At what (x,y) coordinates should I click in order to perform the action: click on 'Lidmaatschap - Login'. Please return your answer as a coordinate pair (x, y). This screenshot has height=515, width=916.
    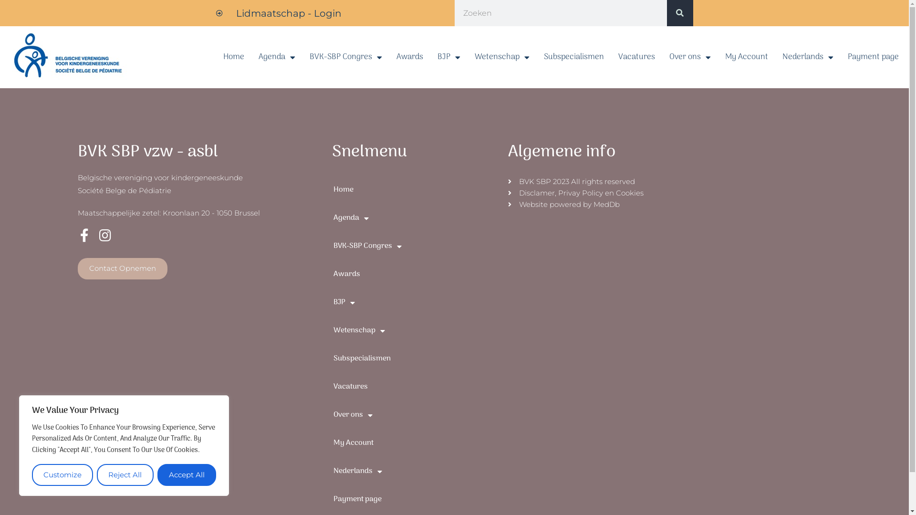
    Looking at the image, I should click on (278, 13).